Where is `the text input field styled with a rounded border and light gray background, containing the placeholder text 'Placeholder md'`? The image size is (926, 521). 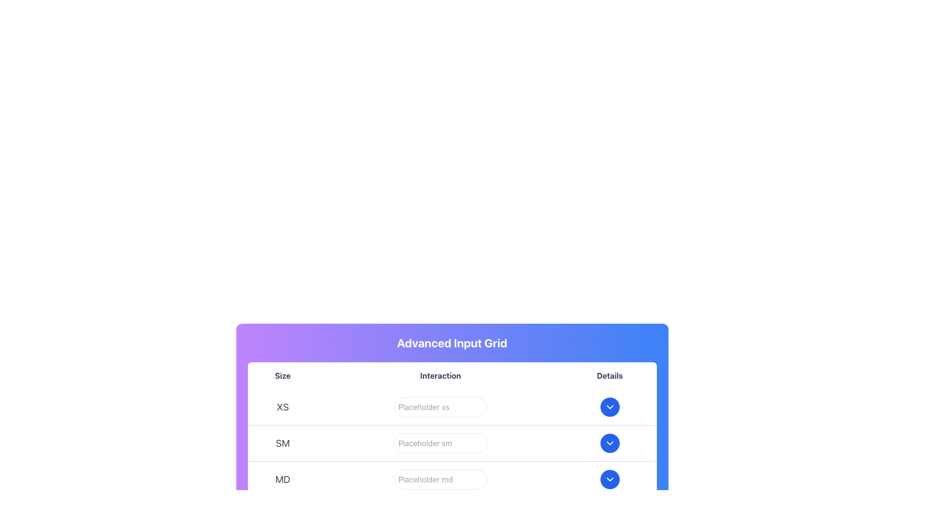
the text input field styled with a rounded border and light gray background, containing the placeholder text 'Placeholder md' is located at coordinates (440, 480).